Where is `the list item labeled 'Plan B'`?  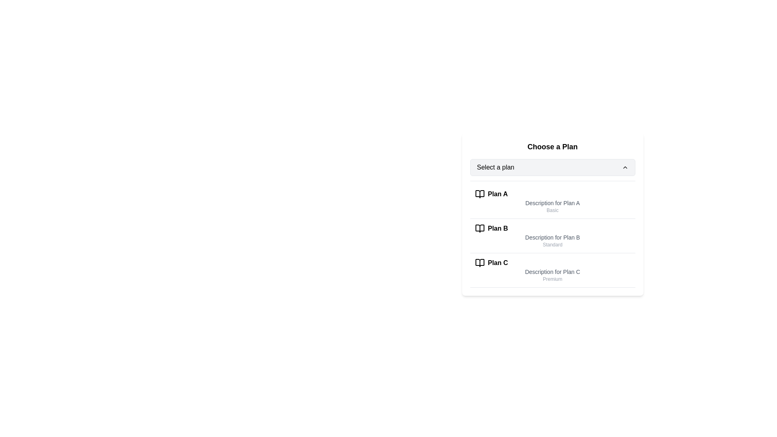
the list item labeled 'Plan B' is located at coordinates (552, 236).